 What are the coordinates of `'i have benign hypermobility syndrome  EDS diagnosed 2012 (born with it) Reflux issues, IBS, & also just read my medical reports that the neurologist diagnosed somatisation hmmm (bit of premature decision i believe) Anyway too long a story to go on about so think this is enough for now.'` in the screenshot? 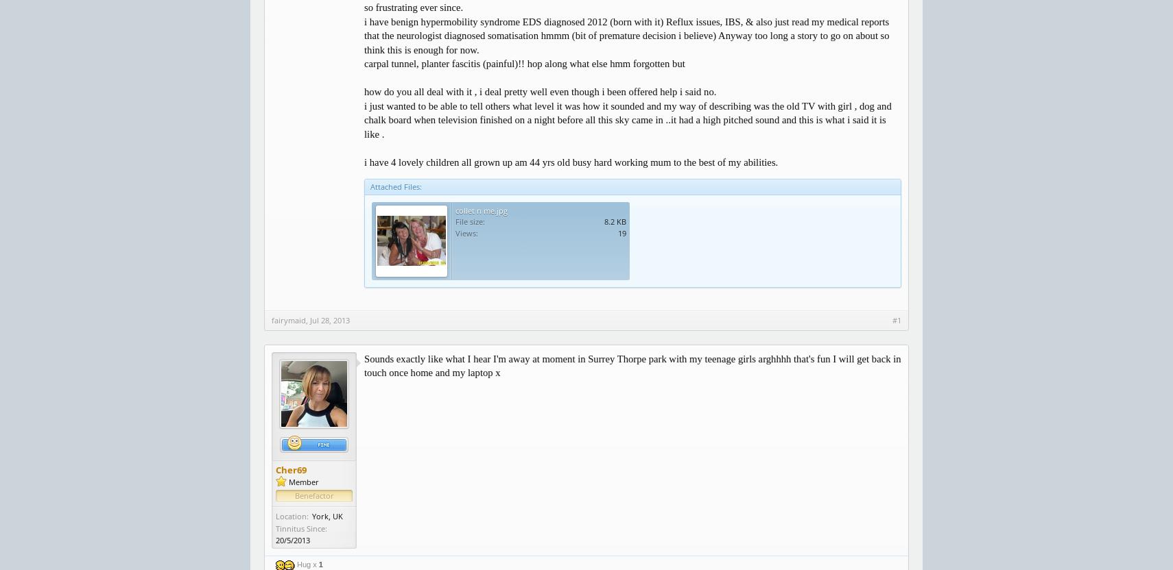 It's located at (364, 35).